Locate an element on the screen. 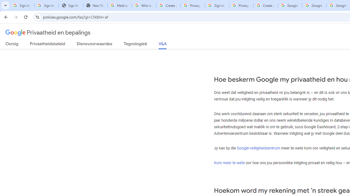  'New Tab' is located at coordinates (95, 5).